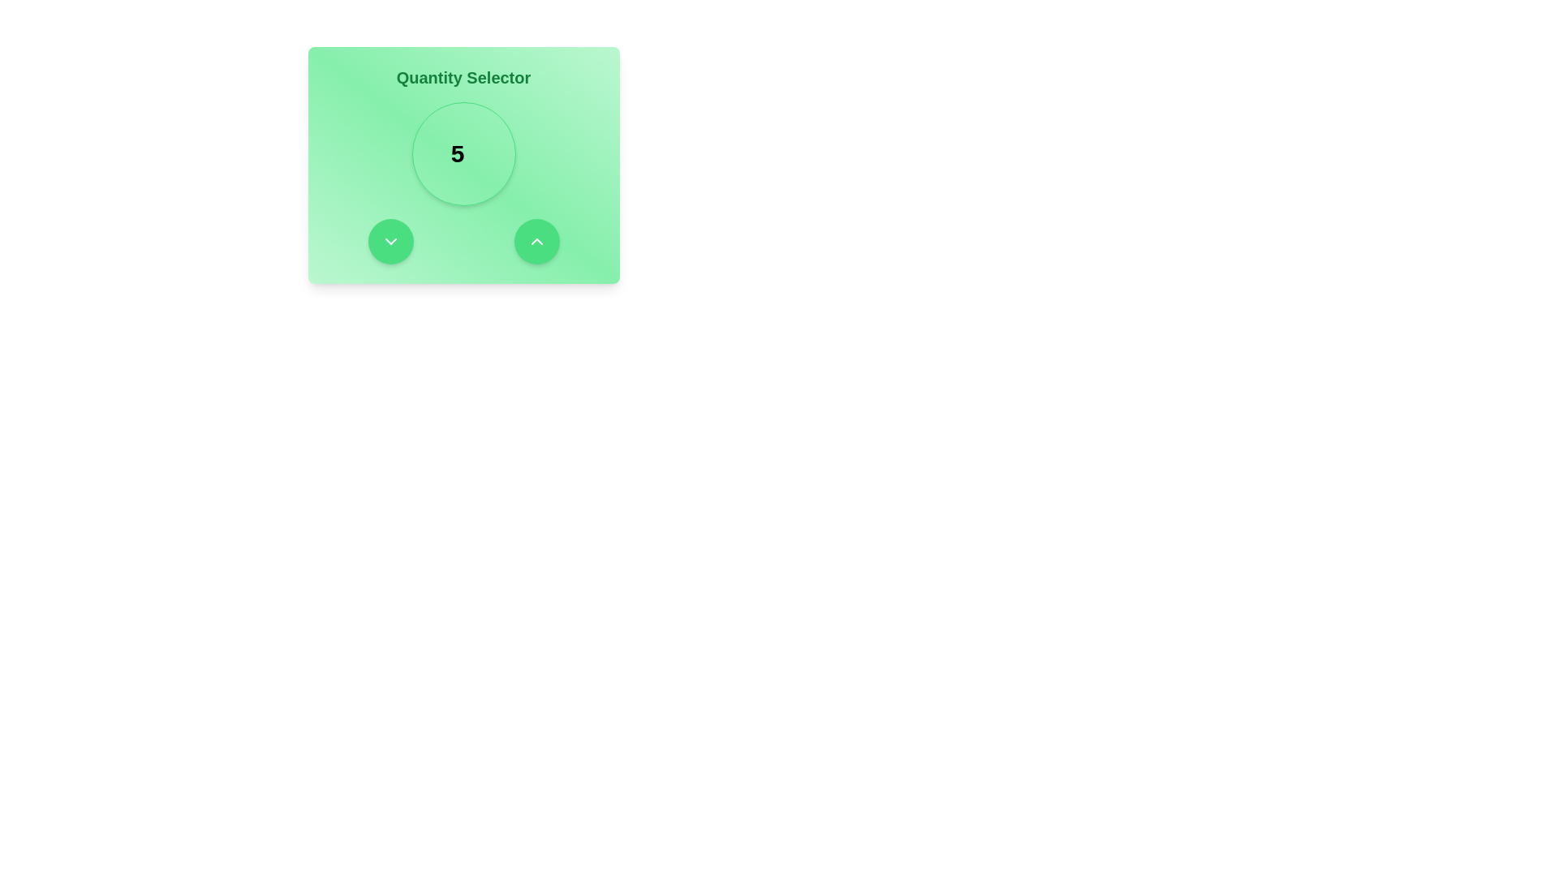  Describe the element at coordinates (390, 241) in the screenshot. I see `the downward-facing triangular icon within the green circular button of the 'Quantity Selector' component` at that location.